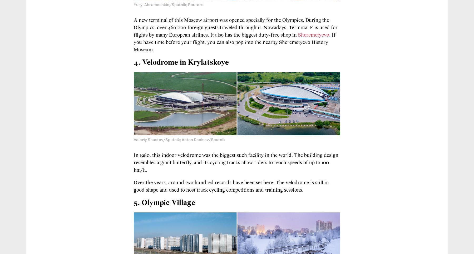 The width and height of the screenshot is (474, 254). What do you see at coordinates (203, 62) in the screenshot?
I see `'in Krylatskoye'` at bounding box center [203, 62].